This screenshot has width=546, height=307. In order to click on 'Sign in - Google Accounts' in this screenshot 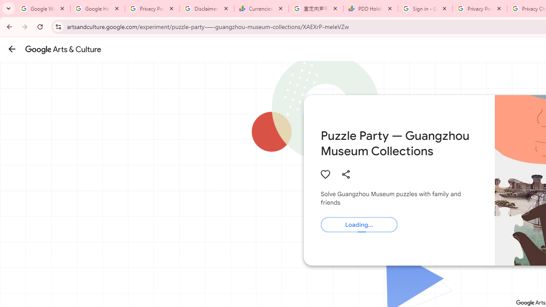, I will do `click(425, 9)`.